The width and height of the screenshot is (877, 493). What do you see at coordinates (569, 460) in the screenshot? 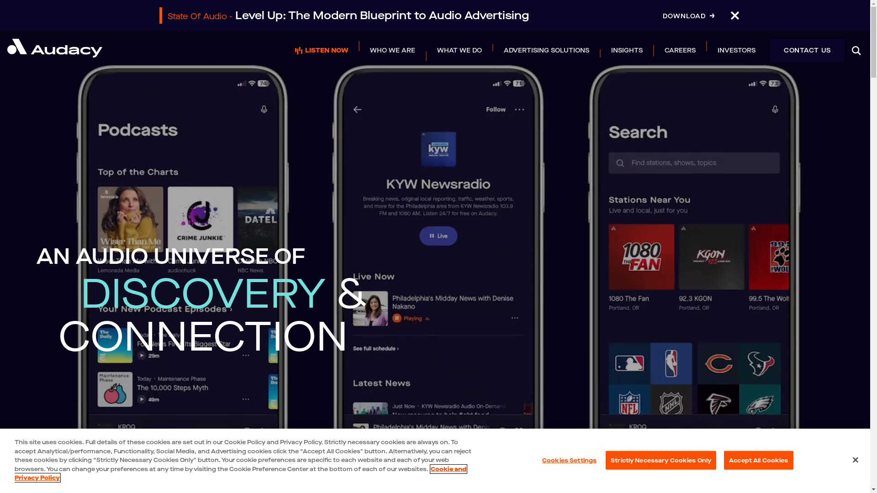
I see `'Cookies Settings'` at bounding box center [569, 460].